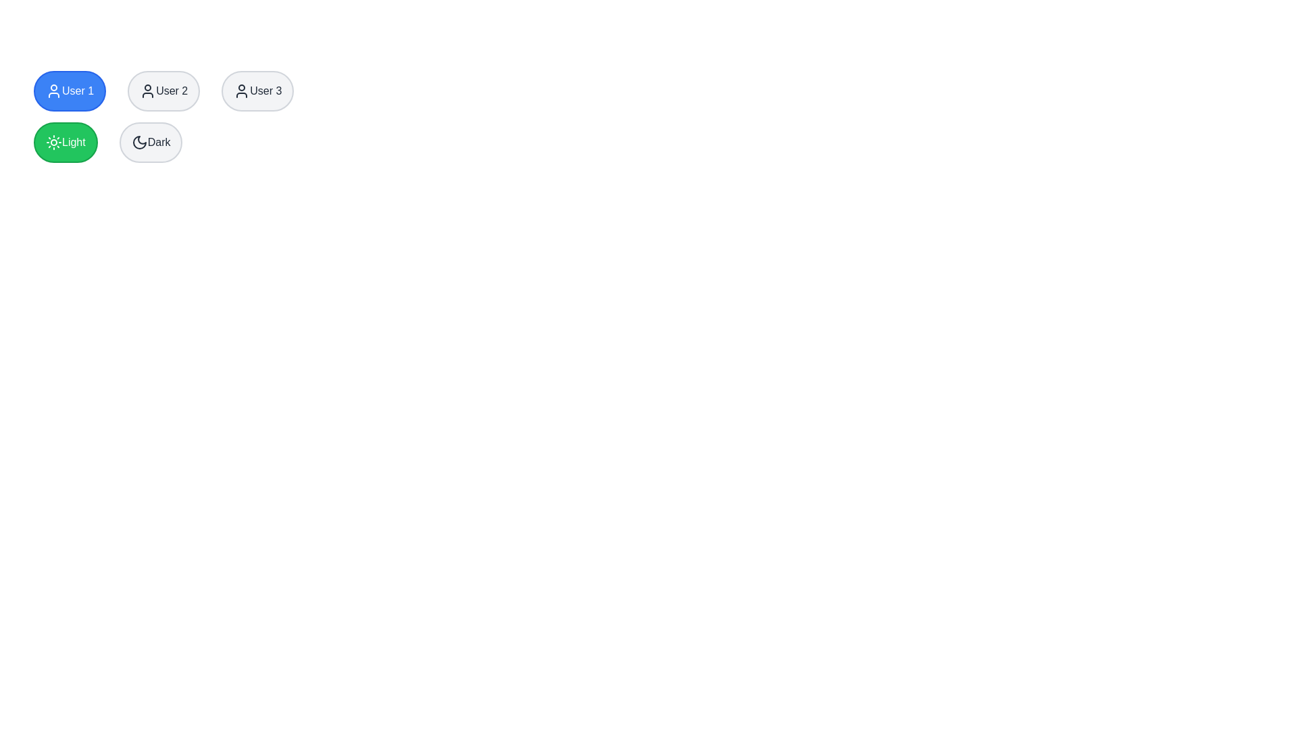  I want to click on the 'Dark' mode toggle button, which is located in the second position from the left in its row, directly to the right of the 'Light' button, so click(151, 143).